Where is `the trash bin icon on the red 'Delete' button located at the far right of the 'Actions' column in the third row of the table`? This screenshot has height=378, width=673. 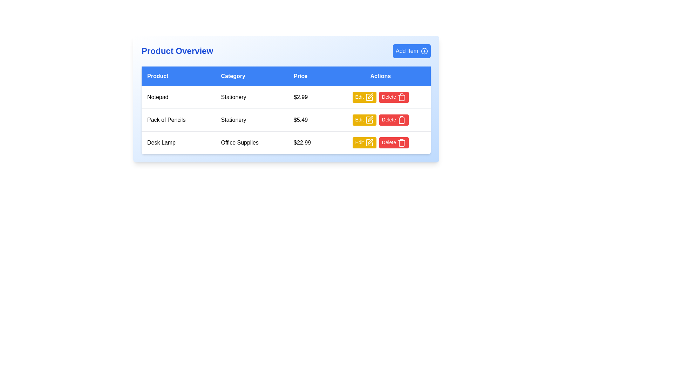
the trash bin icon on the red 'Delete' button located at the far right of the 'Actions' column in the third row of the table is located at coordinates (401, 142).